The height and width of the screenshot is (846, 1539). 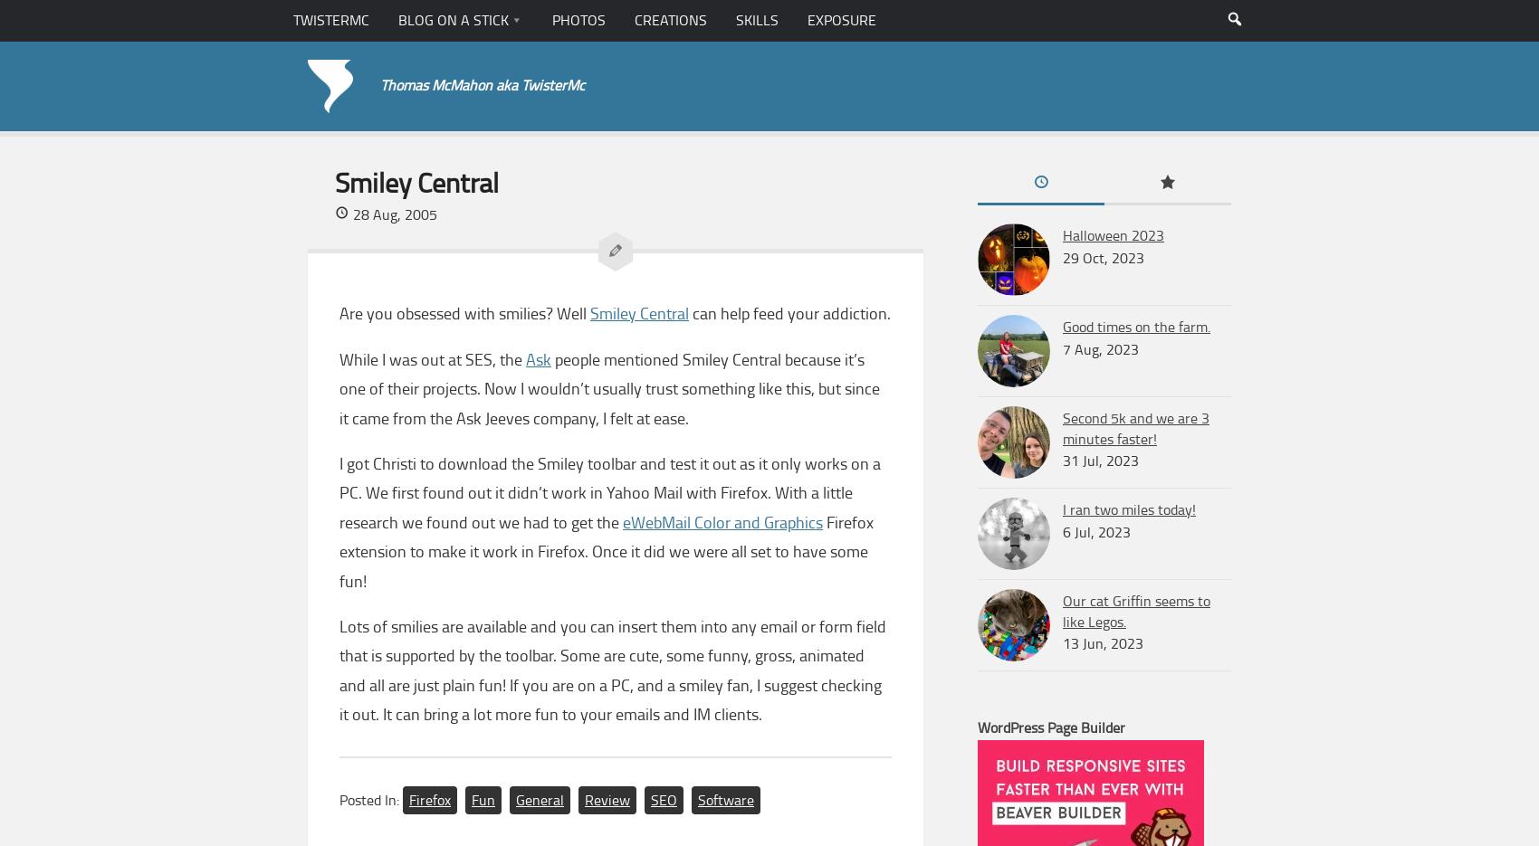 What do you see at coordinates (1100, 348) in the screenshot?
I see `'7 Aug, 2023'` at bounding box center [1100, 348].